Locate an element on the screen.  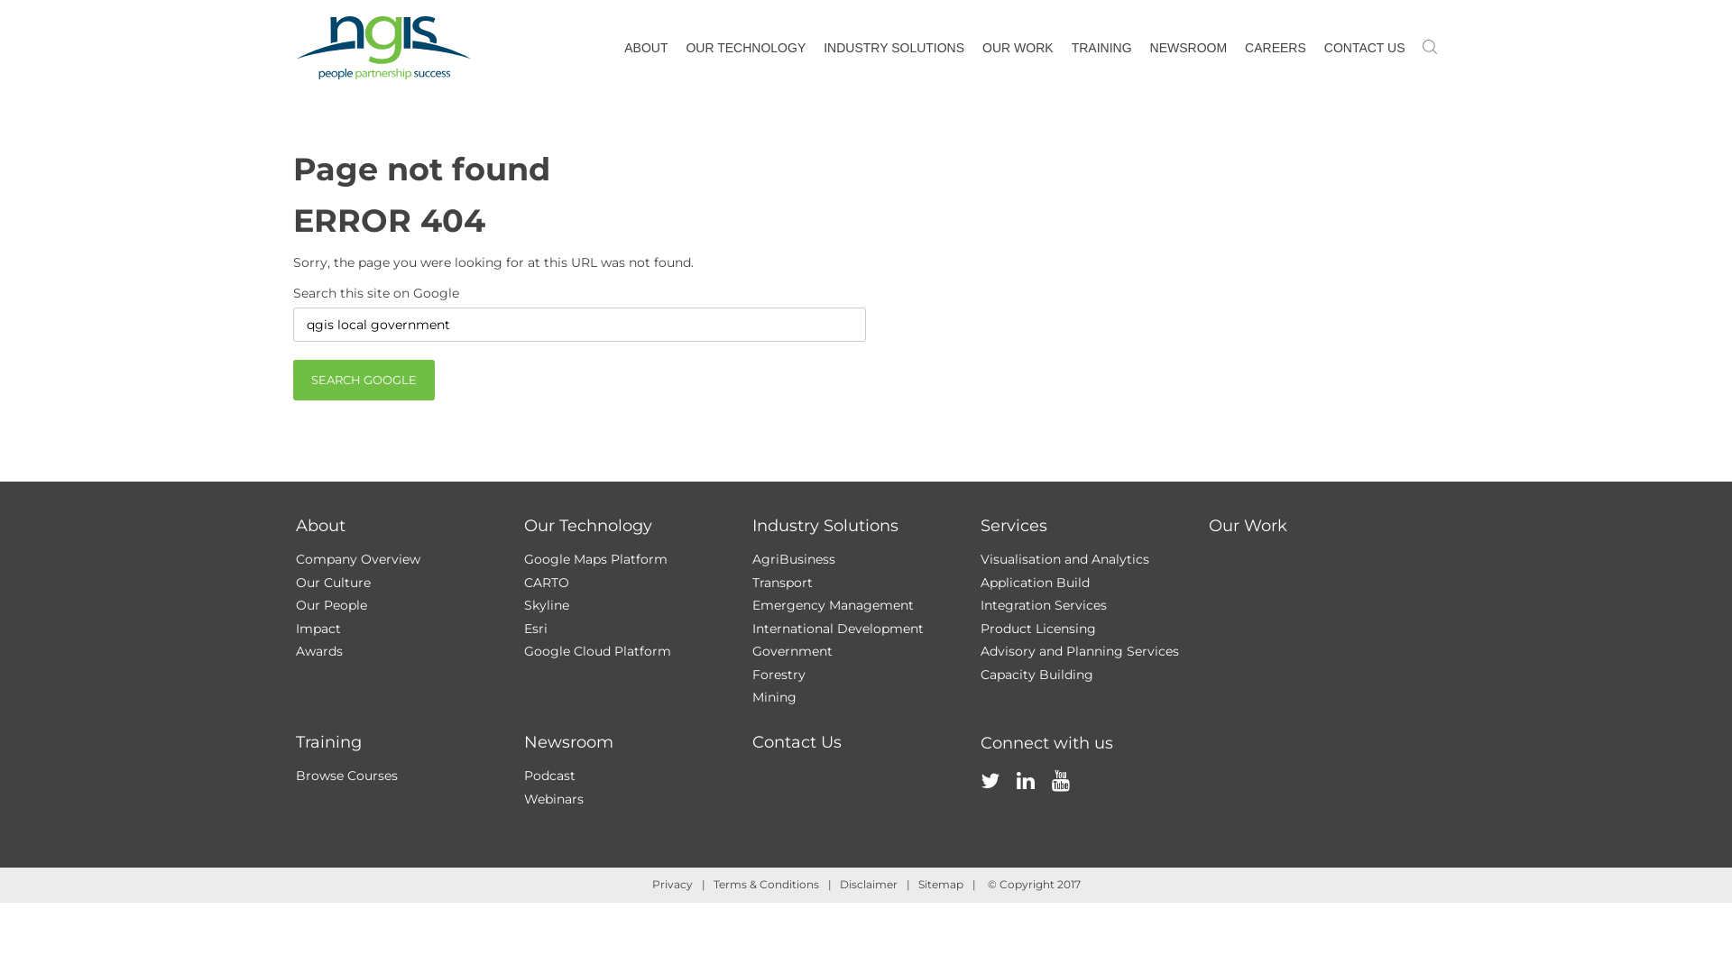
'International Development' is located at coordinates (837, 628).